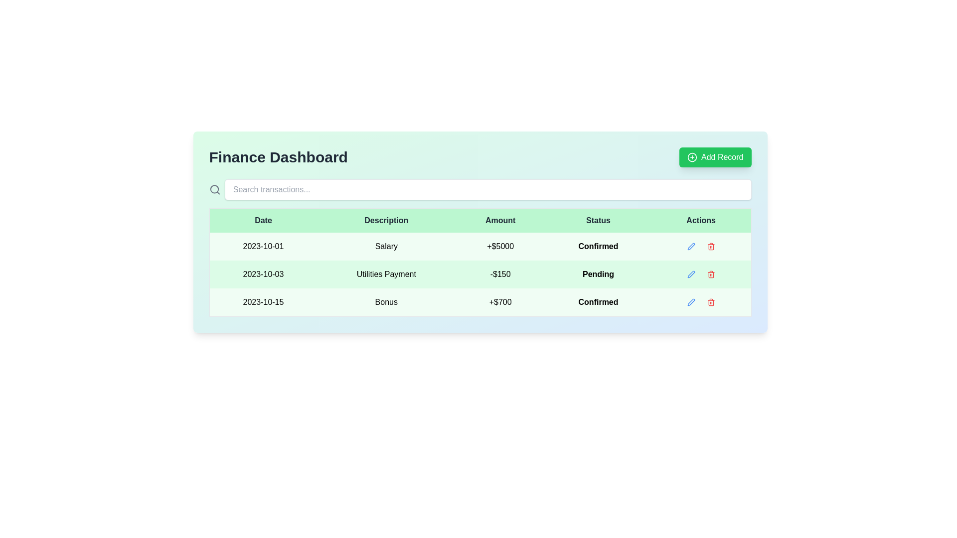  I want to click on the 'Date' text label in the first column of the third row of the table, which indicates the associated date for the data in that row, so click(263, 302).